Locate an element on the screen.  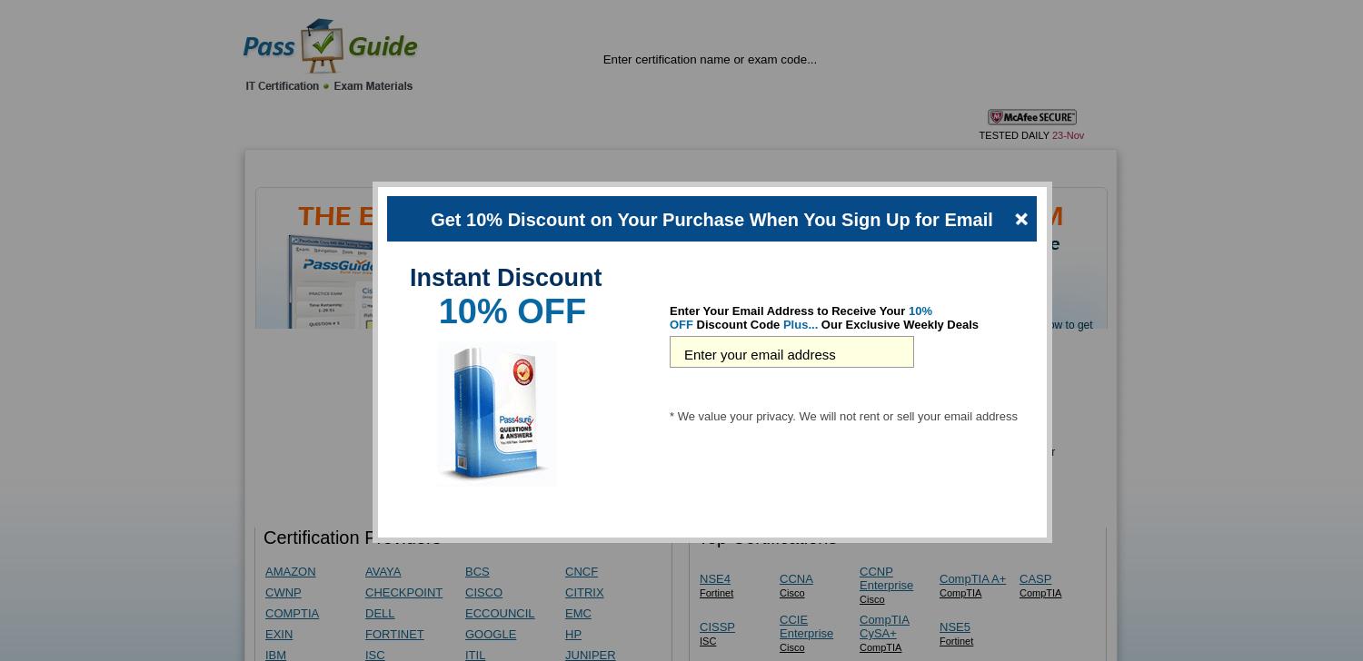
'CWNP' is located at coordinates (283, 592).